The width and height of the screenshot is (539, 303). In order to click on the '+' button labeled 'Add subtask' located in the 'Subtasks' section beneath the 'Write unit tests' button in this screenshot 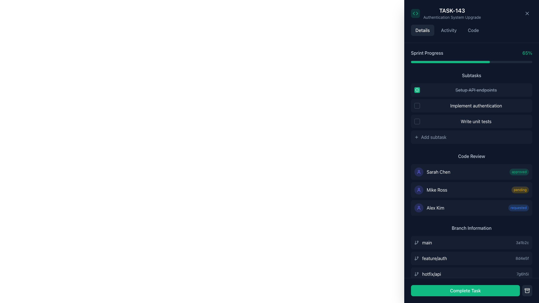, I will do `click(472, 137)`.